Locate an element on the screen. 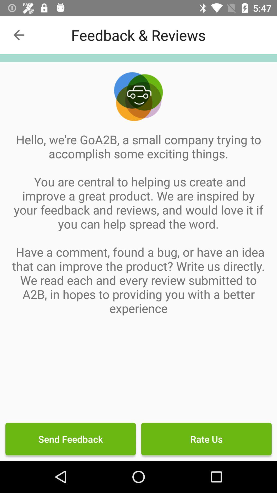 The height and width of the screenshot is (493, 277). item below the hello we re item is located at coordinates (206, 439).